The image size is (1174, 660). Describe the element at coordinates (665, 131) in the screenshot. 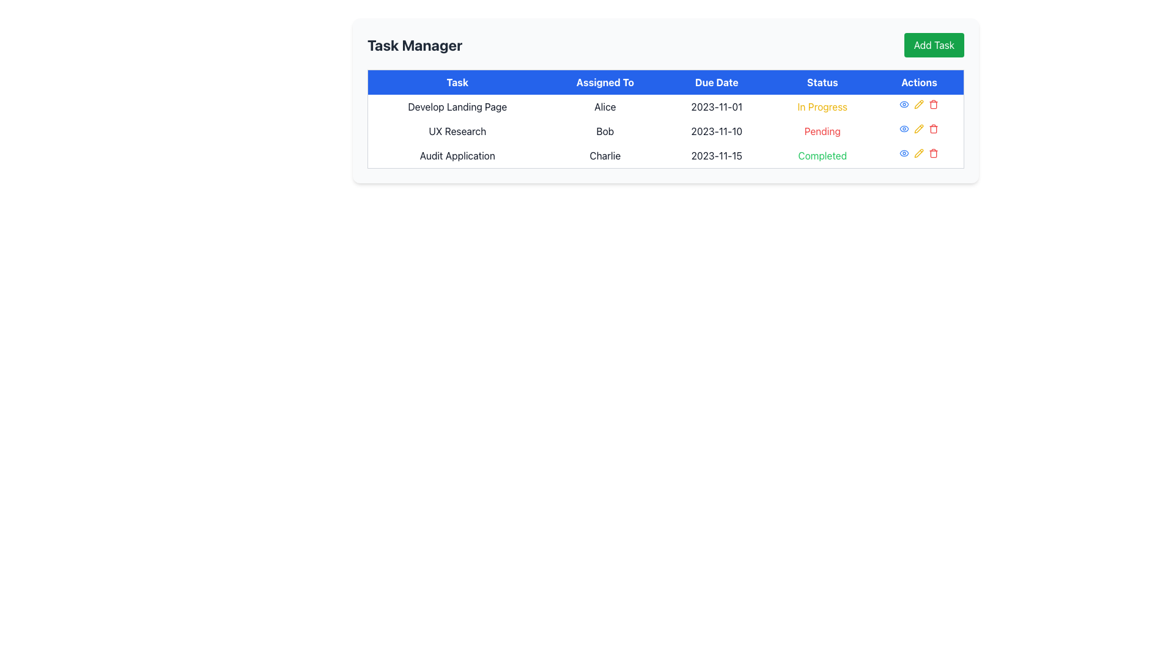

I see `the second row of the task table in the 'Task Manager' section` at that location.